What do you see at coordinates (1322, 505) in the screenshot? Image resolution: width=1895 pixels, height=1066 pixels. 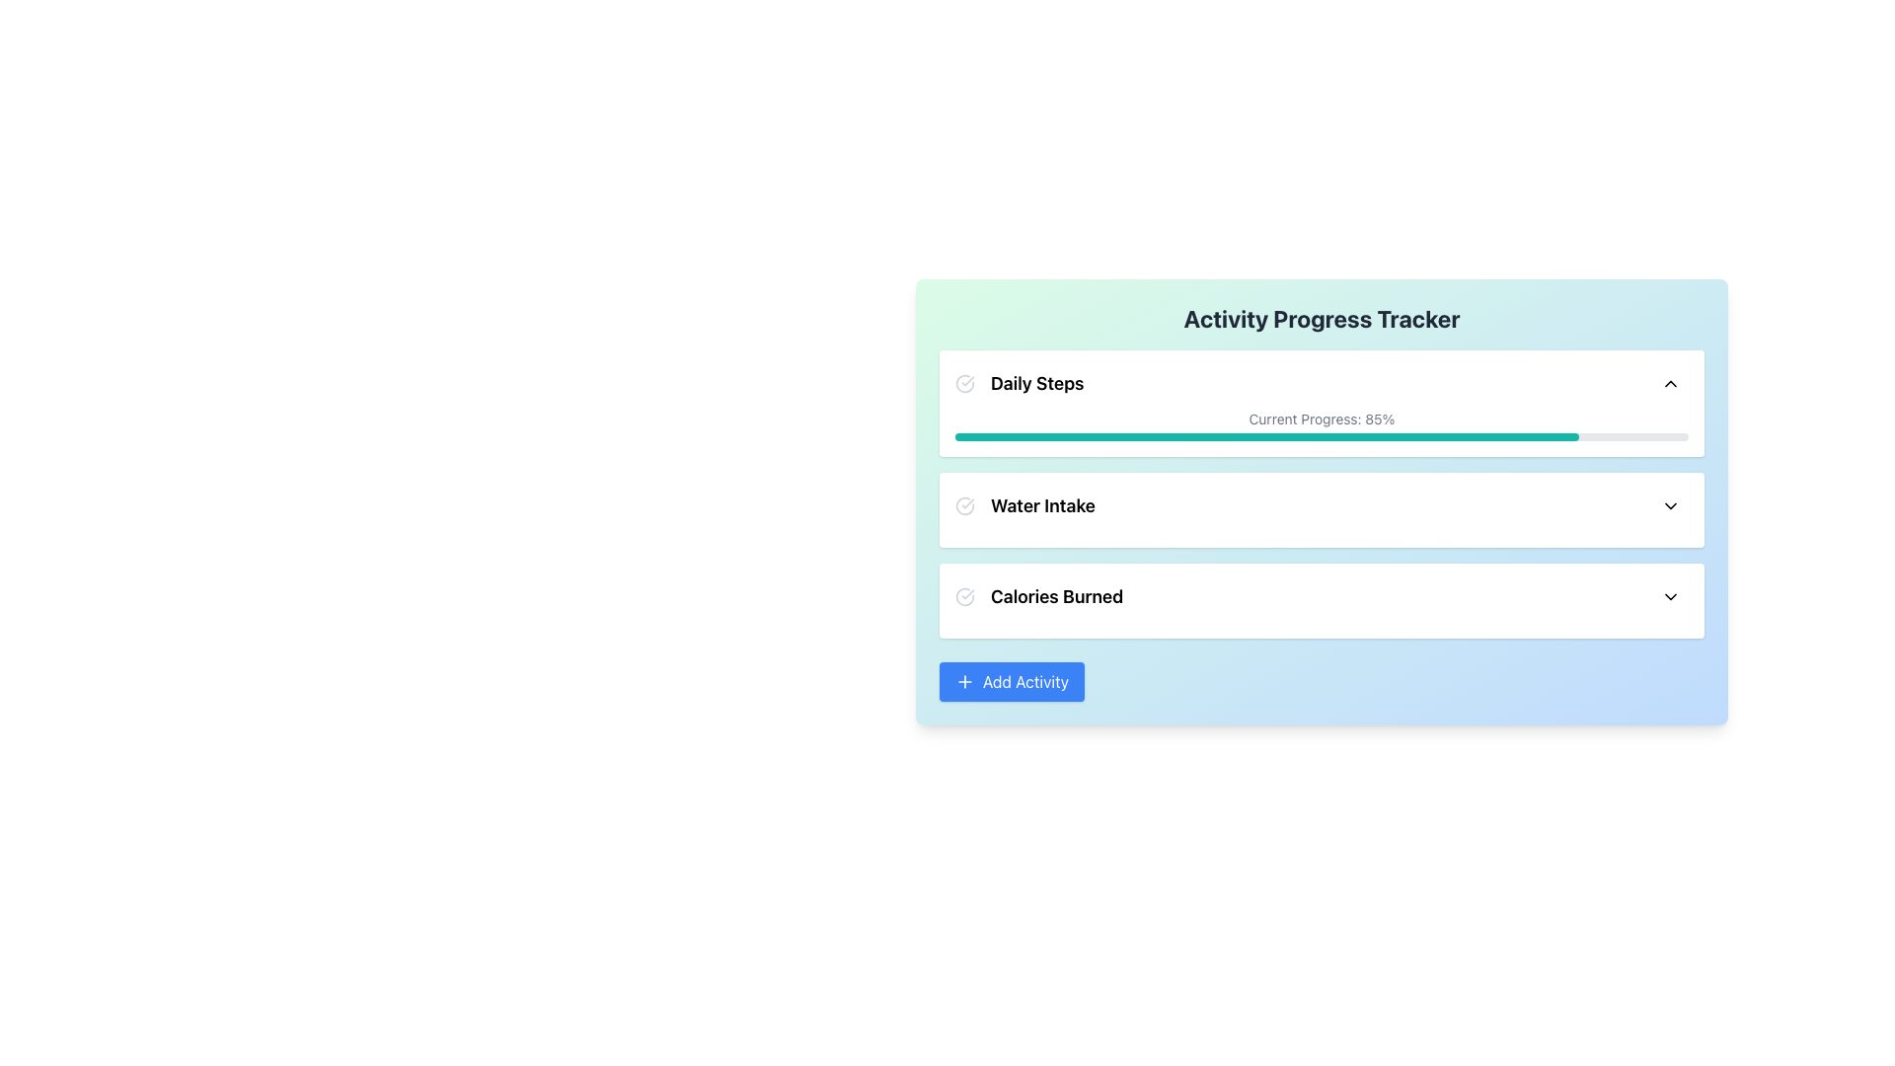 I see `the downward arrow next to the 'Water Intake' item in the horizontal list of the 'Activity Progress Tracker'` at bounding box center [1322, 505].